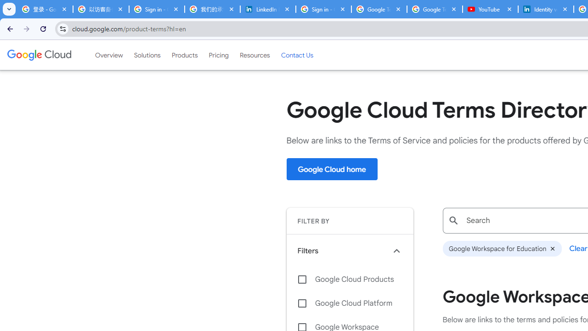 This screenshot has height=331, width=588. Describe the element at coordinates (331, 169) in the screenshot. I see `'Google Cloud home'` at that location.